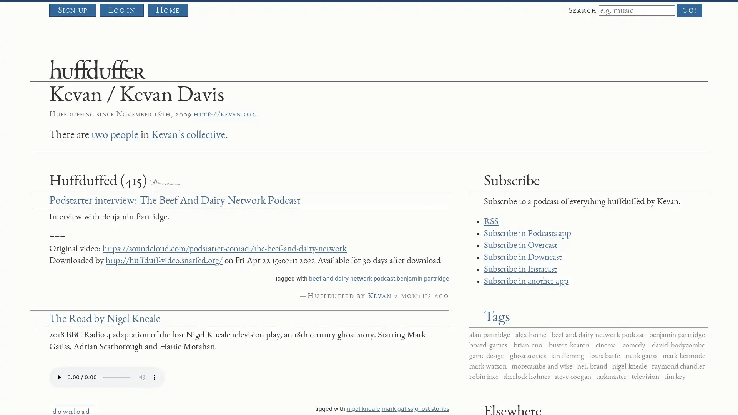 The width and height of the screenshot is (738, 415). Describe the element at coordinates (690, 10) in the screenshot. I see `GO!` at that location.